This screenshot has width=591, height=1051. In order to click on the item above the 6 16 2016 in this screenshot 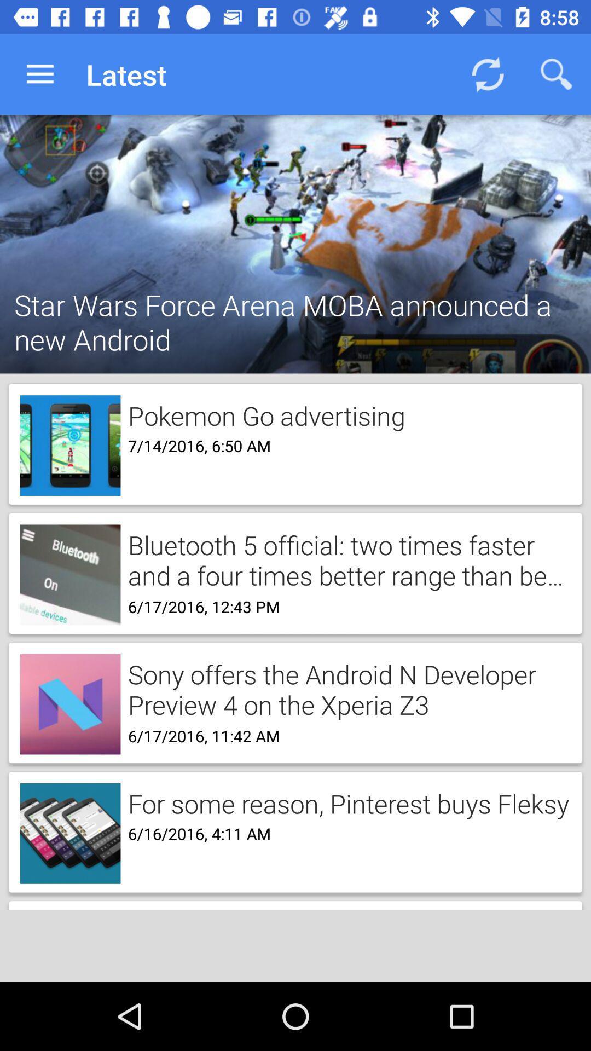, I will do `click(345, 802)`.